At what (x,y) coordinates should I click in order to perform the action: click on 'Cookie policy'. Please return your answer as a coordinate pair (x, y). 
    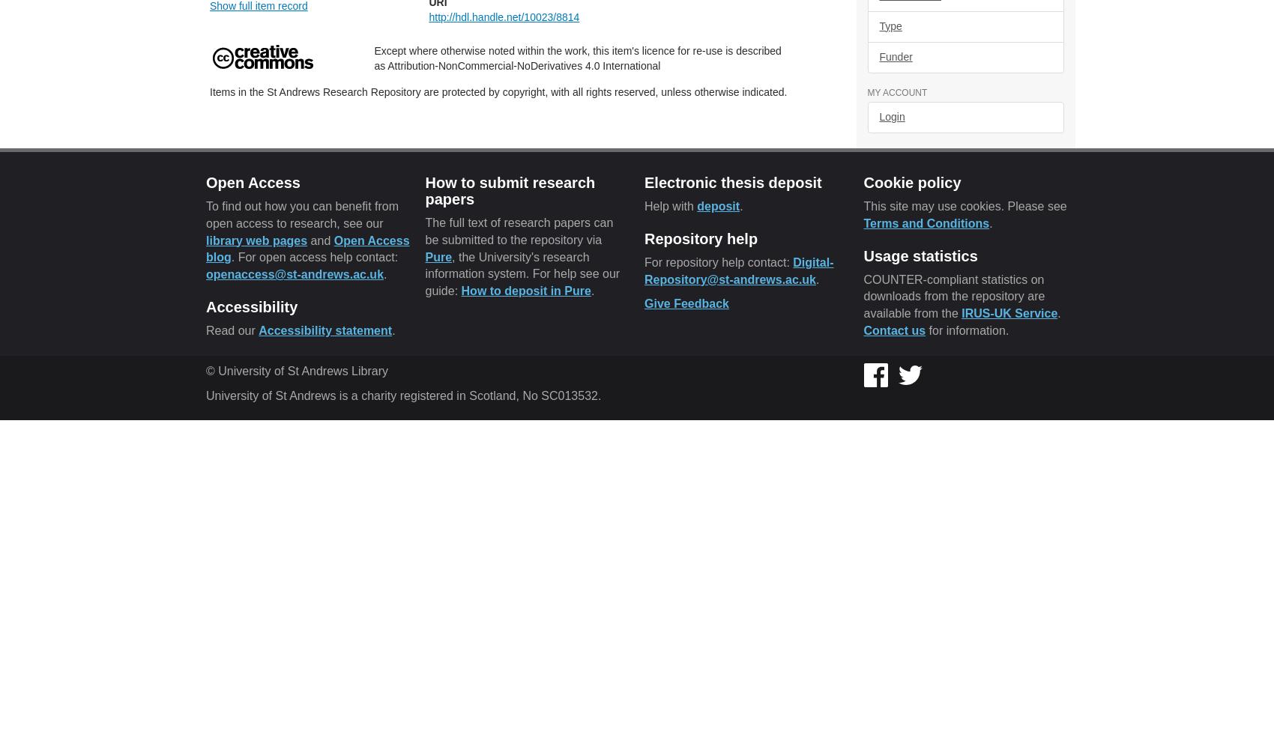
    Looking at the image, I should click on (911, 181).